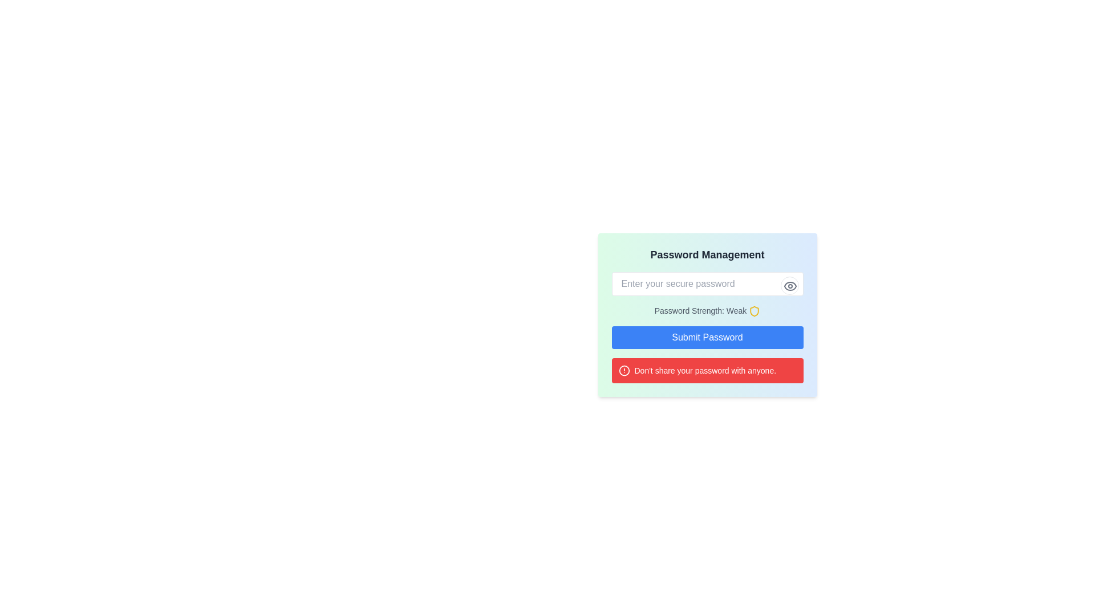 This screenshot has height=616, width=1095. What do you see at coordinates (707, 337) in the screenshot?
I see `the submit button located at the bottom of the 'Password Management' card layout, just below the 'Password Strength: Weak' text` at bounding box center [707, 337].